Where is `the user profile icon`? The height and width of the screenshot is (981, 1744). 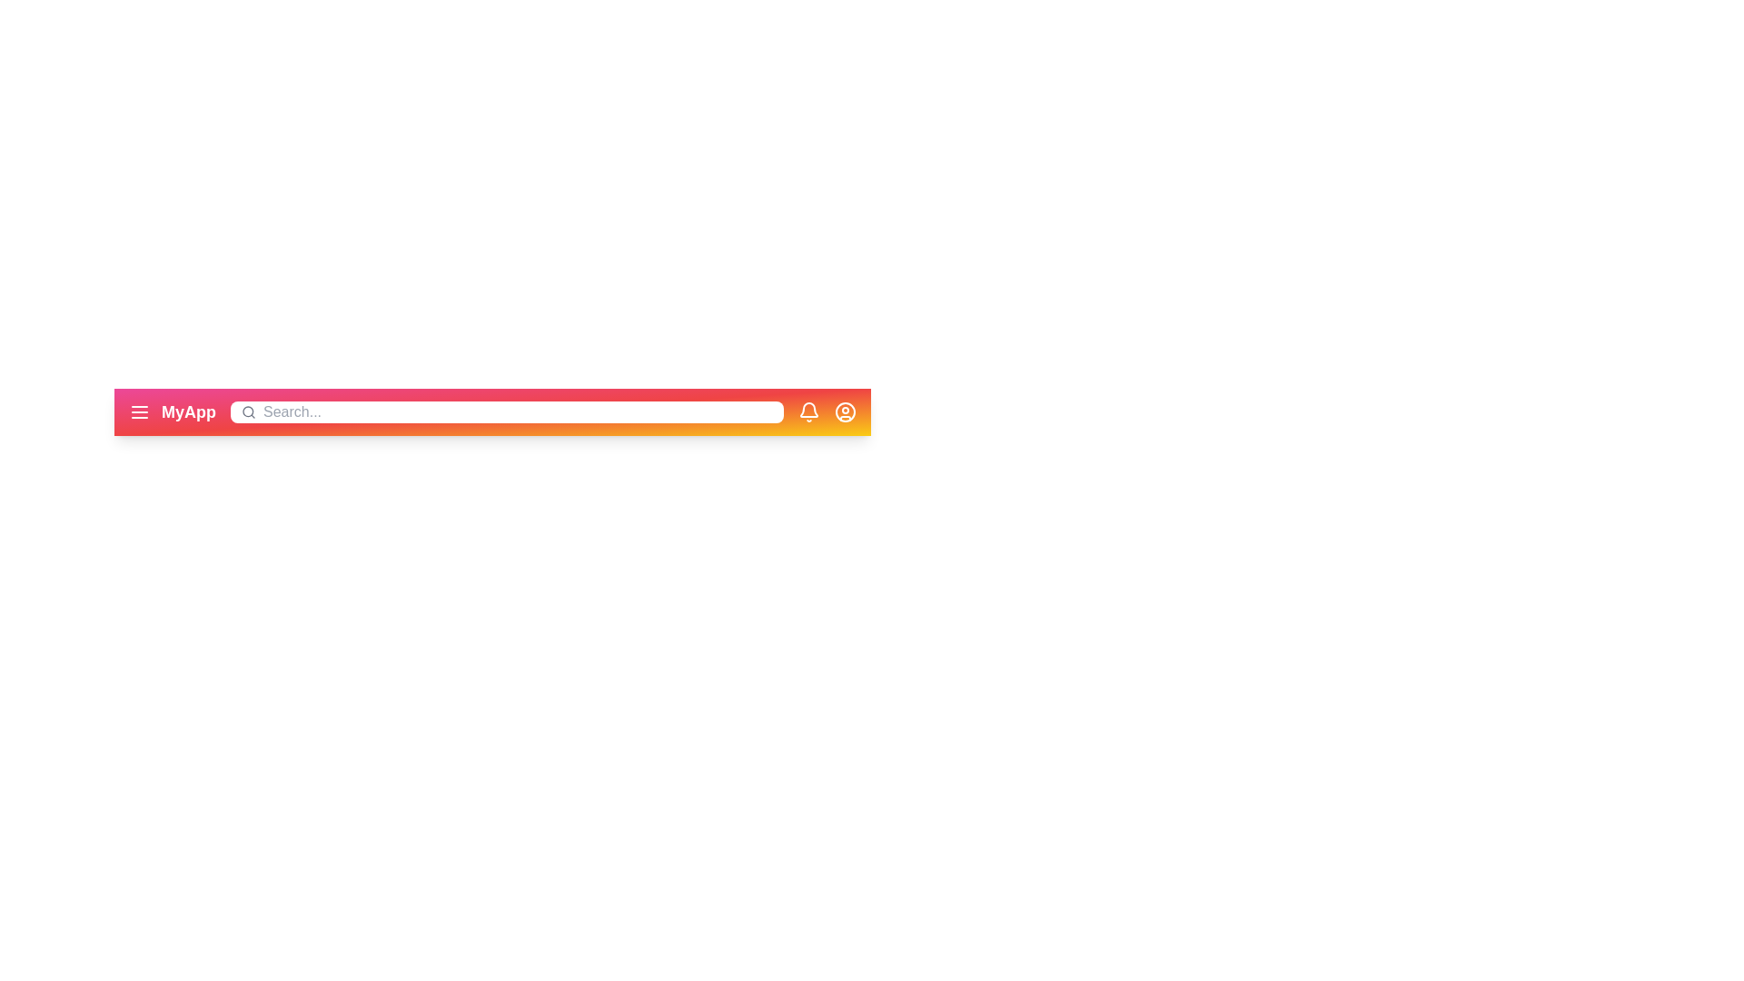 the user profile icon is located at coordinates (845, 412).